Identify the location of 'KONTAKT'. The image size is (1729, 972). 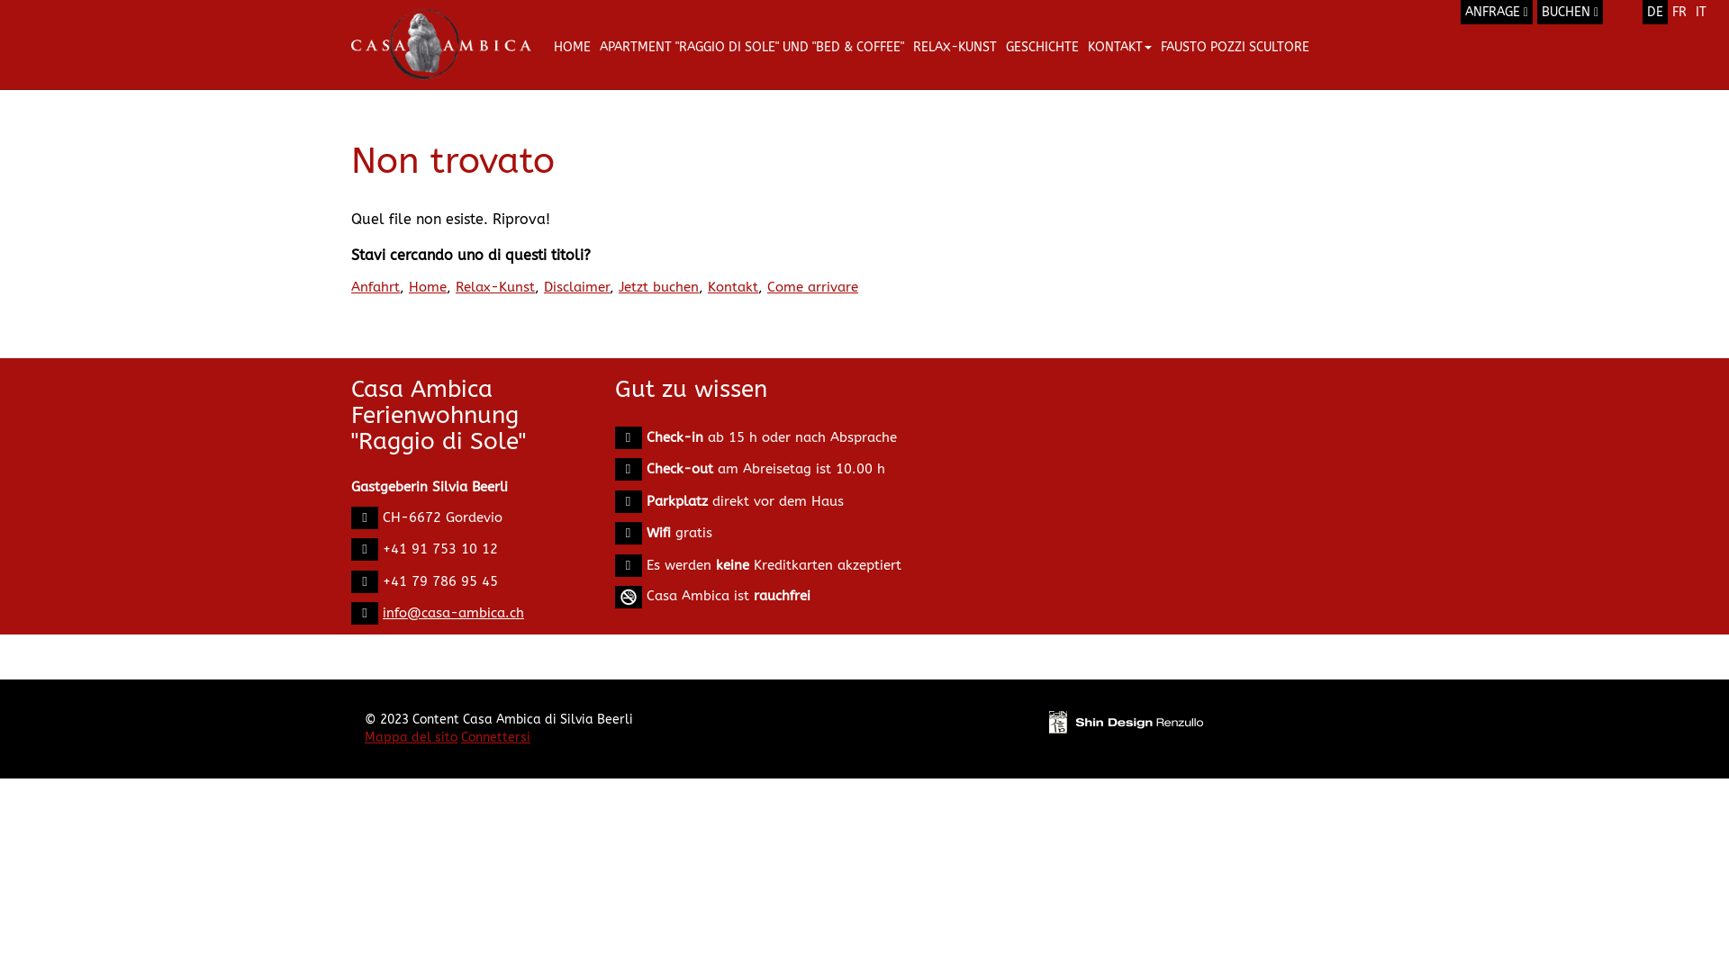
(1118, 46).